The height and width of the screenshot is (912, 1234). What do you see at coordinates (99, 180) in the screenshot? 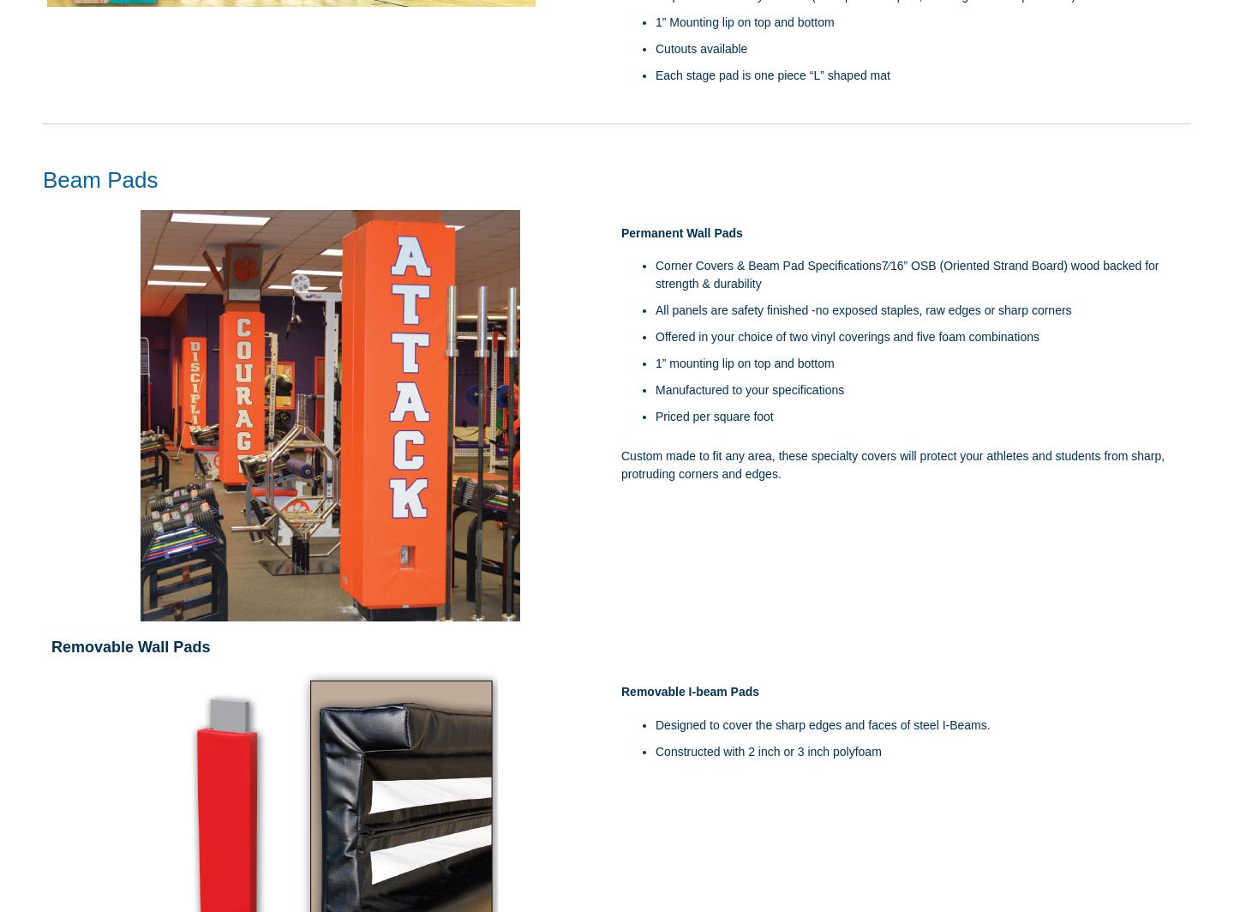
I see `'Beam Pads'` at bounding box center [99, 180].